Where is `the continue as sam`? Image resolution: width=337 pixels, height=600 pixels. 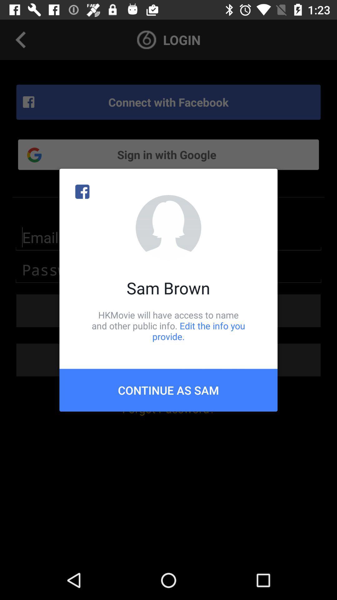
the continue as sam is located at coordinates (168, 390).